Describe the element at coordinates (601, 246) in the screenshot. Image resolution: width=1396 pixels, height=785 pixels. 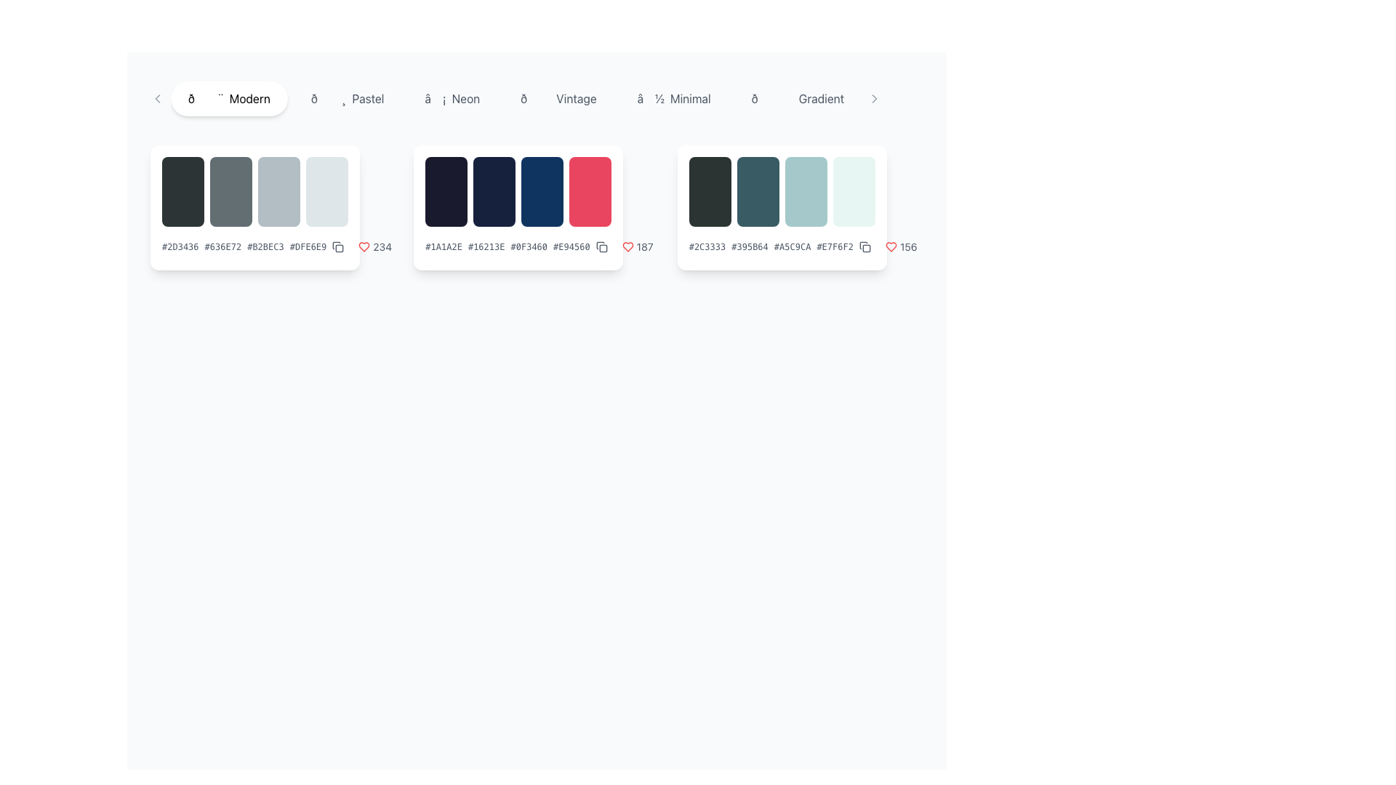
I see `the outlined square icon button located at the bottom right of the color palette card` at that location.